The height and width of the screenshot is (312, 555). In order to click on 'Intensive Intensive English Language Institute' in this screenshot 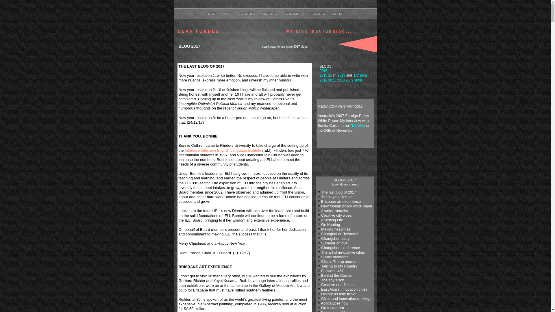, I will do `click(223, 150)`.